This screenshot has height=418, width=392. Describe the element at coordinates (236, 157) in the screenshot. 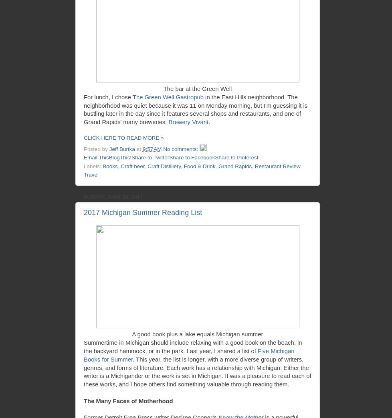

I see `'Share to Pinterest'` at that location.